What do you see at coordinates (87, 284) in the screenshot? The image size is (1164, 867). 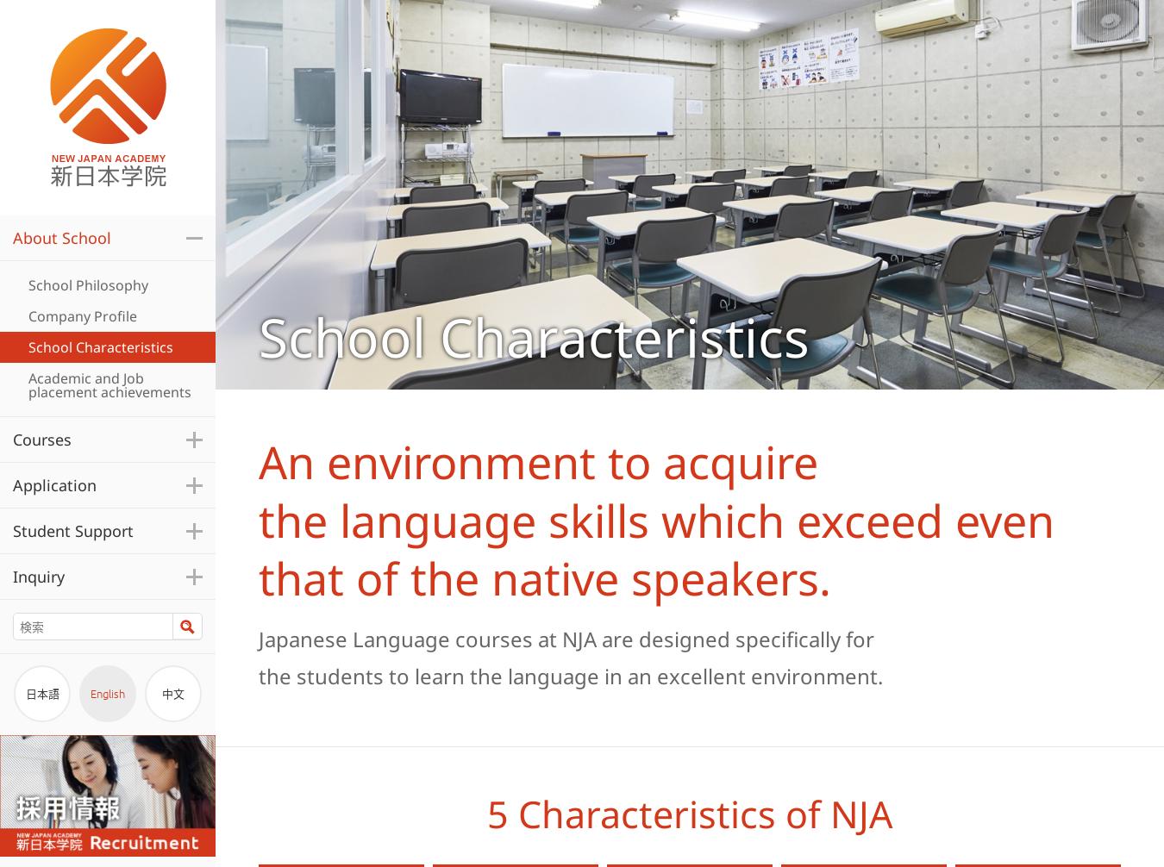 I see `'School Philosophy'` at bounding box center [87, 284].